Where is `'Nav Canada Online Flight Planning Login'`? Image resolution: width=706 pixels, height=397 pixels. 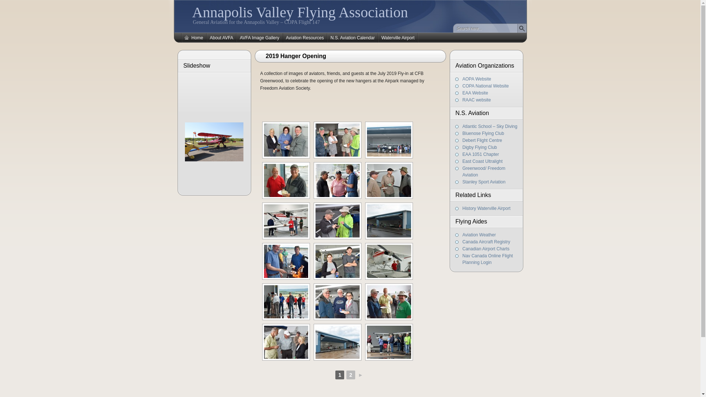 'Nav Canada Online Flight Planning Login' is located at coordinates (488, 259).